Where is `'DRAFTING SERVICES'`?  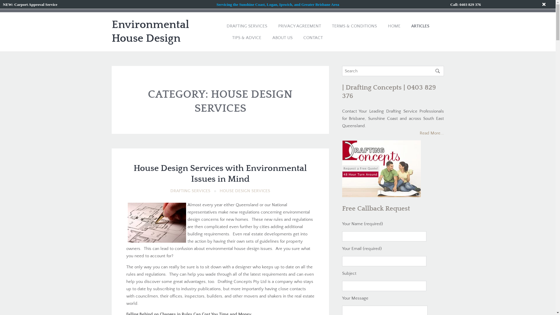
'DRAFTING SERVICES' is located at coordinates (190, 191).